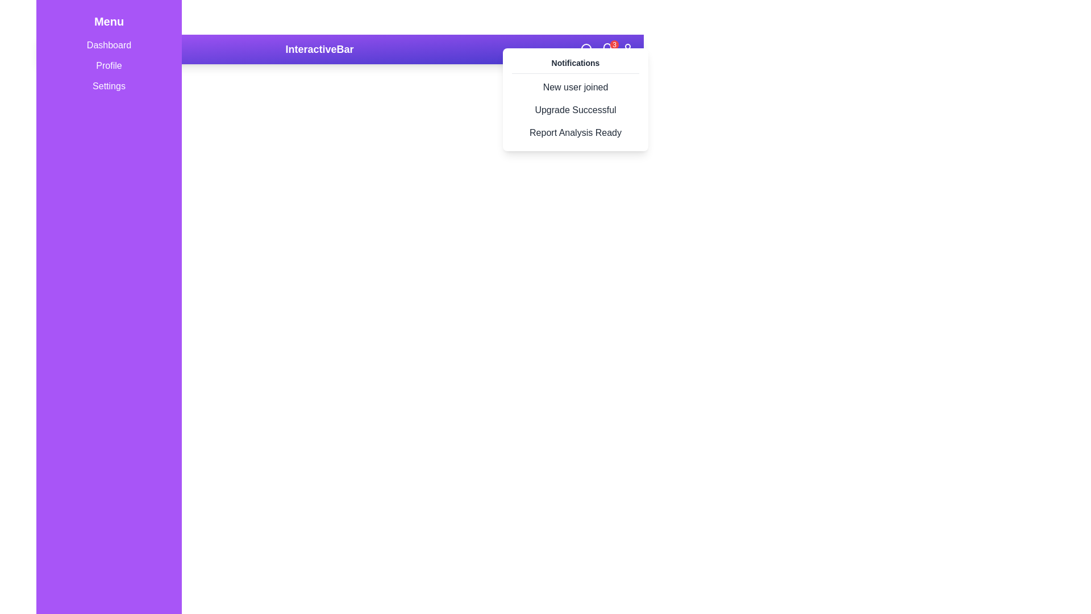  What do you see at coordinates (607, 49) in the screenshot?
I see `the red circular badge displaying the number '3' that is positioned above the notification bell icon in the navigation bar` at bounding box center [607, 49].